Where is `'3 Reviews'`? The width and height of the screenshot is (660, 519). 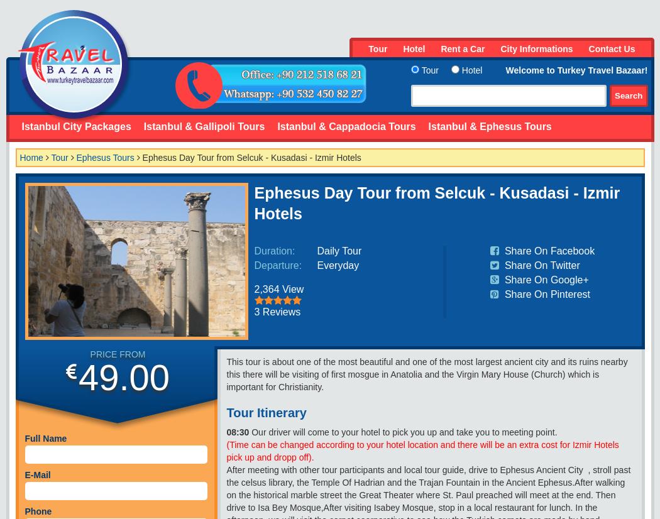
'3 Reviews' is located at coordinates (277, 312).